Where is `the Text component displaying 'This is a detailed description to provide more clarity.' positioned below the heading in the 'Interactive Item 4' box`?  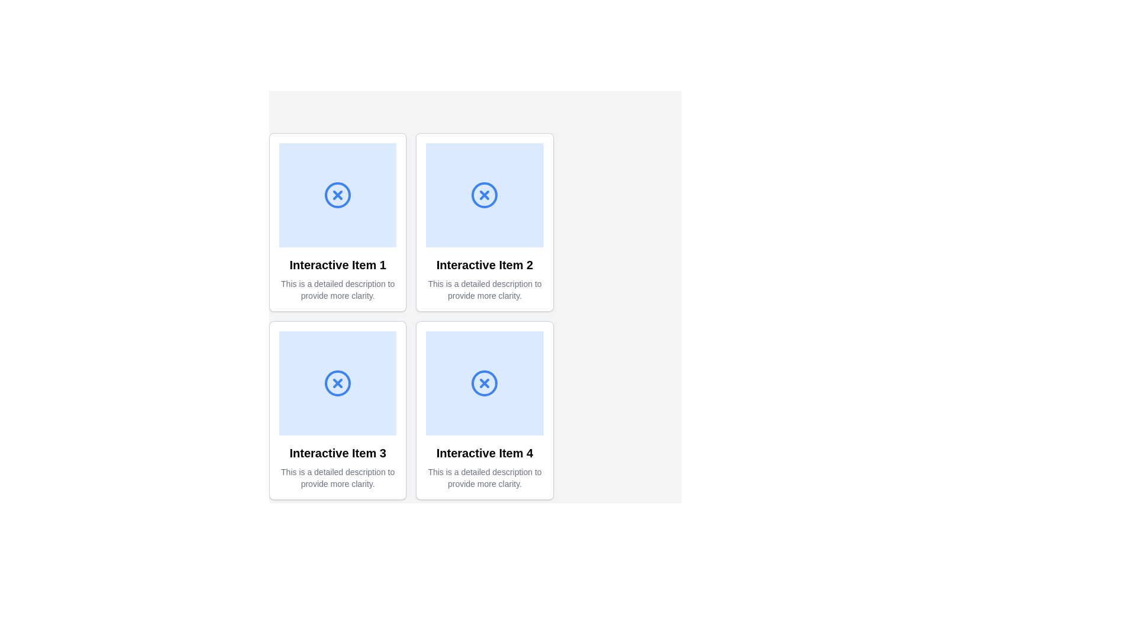 the Text component displaying 'This is a detailed description to provide more clarity.' positioned below the heading in the 'Interactive Item 4' box is located at coordinates (485, 477).